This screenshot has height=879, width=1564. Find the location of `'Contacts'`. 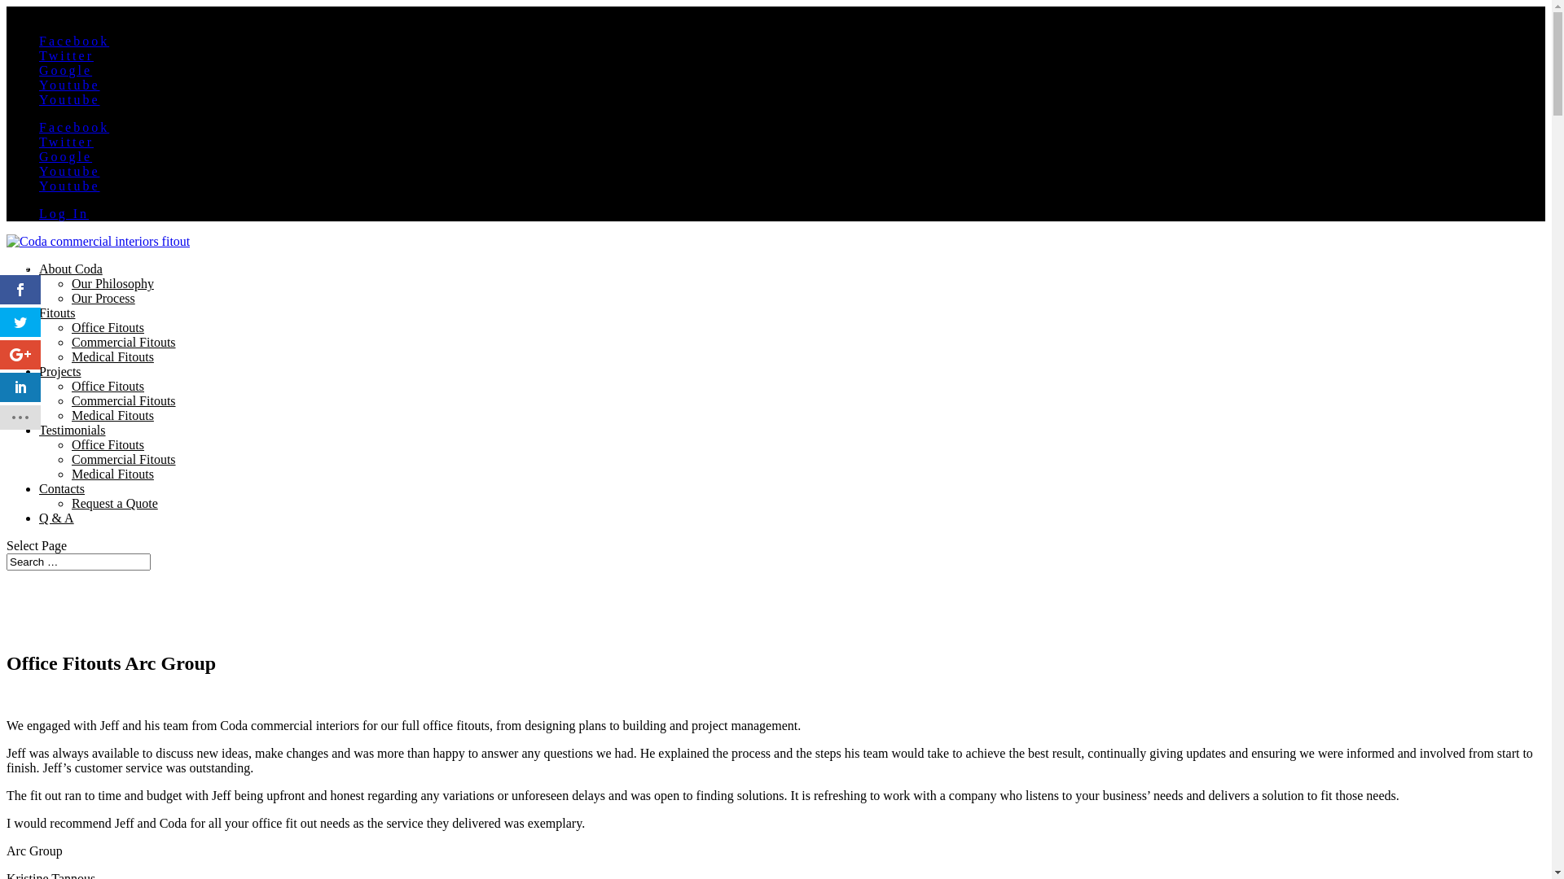

'Contacts' is located at coordinates (62, 488).